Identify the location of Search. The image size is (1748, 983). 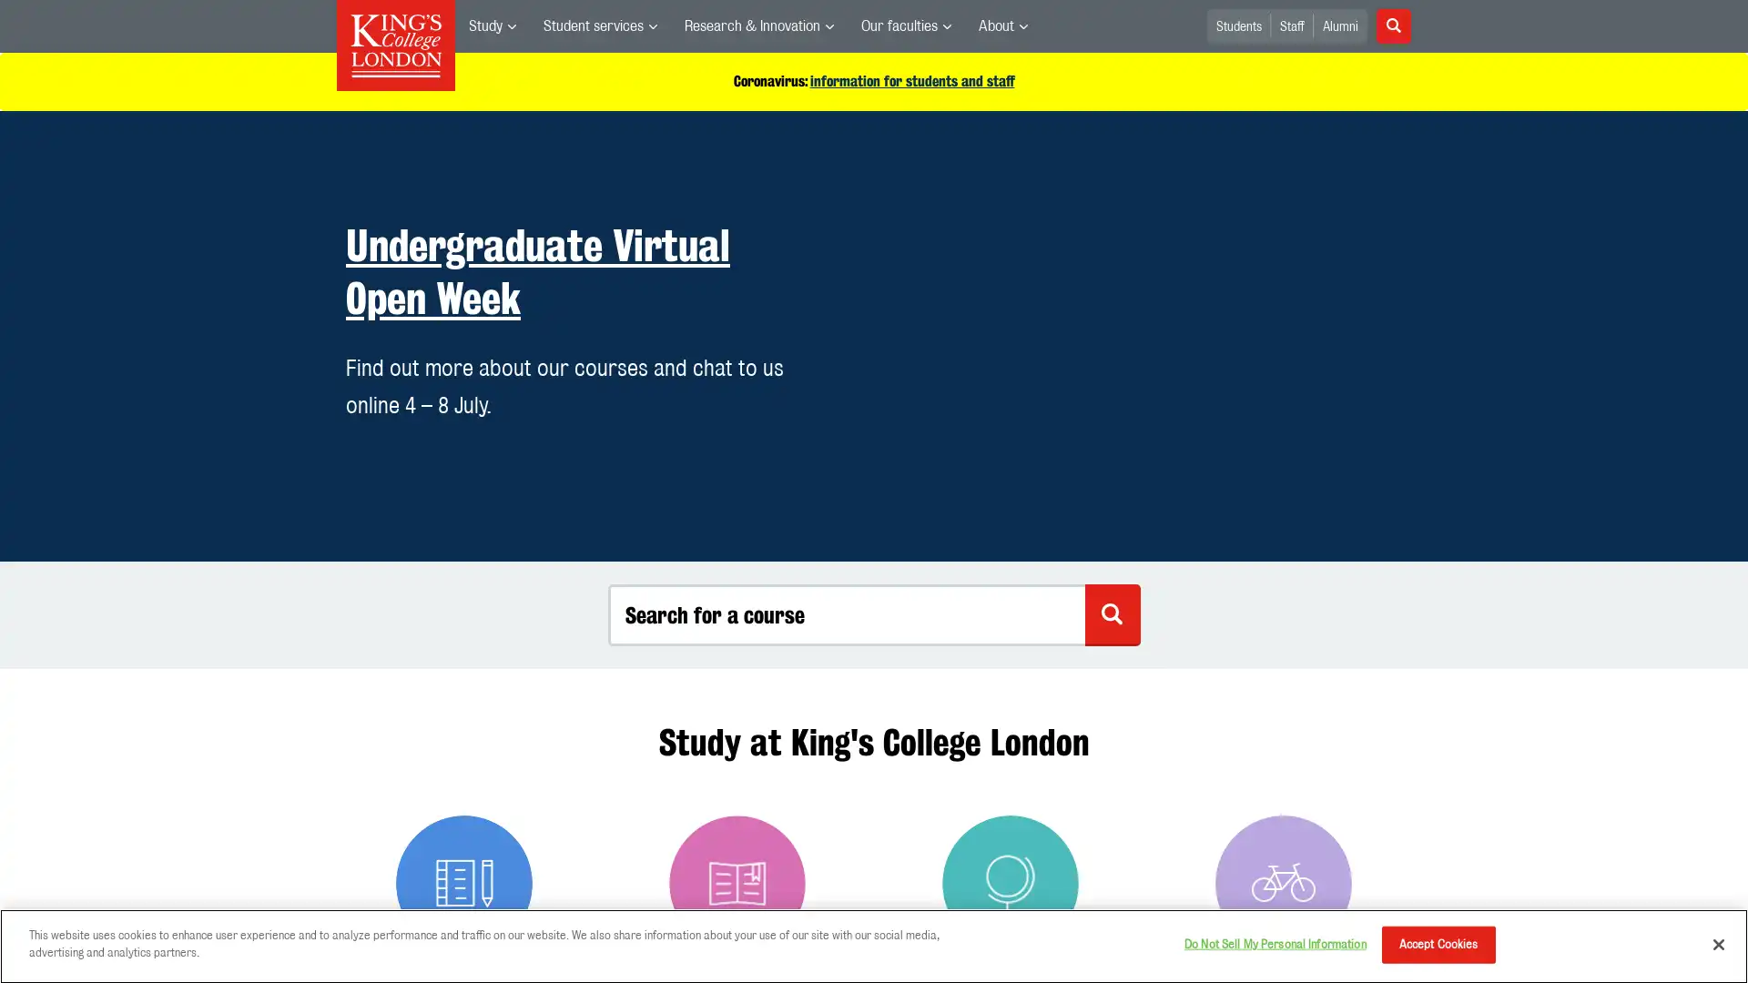
(1393, 26).